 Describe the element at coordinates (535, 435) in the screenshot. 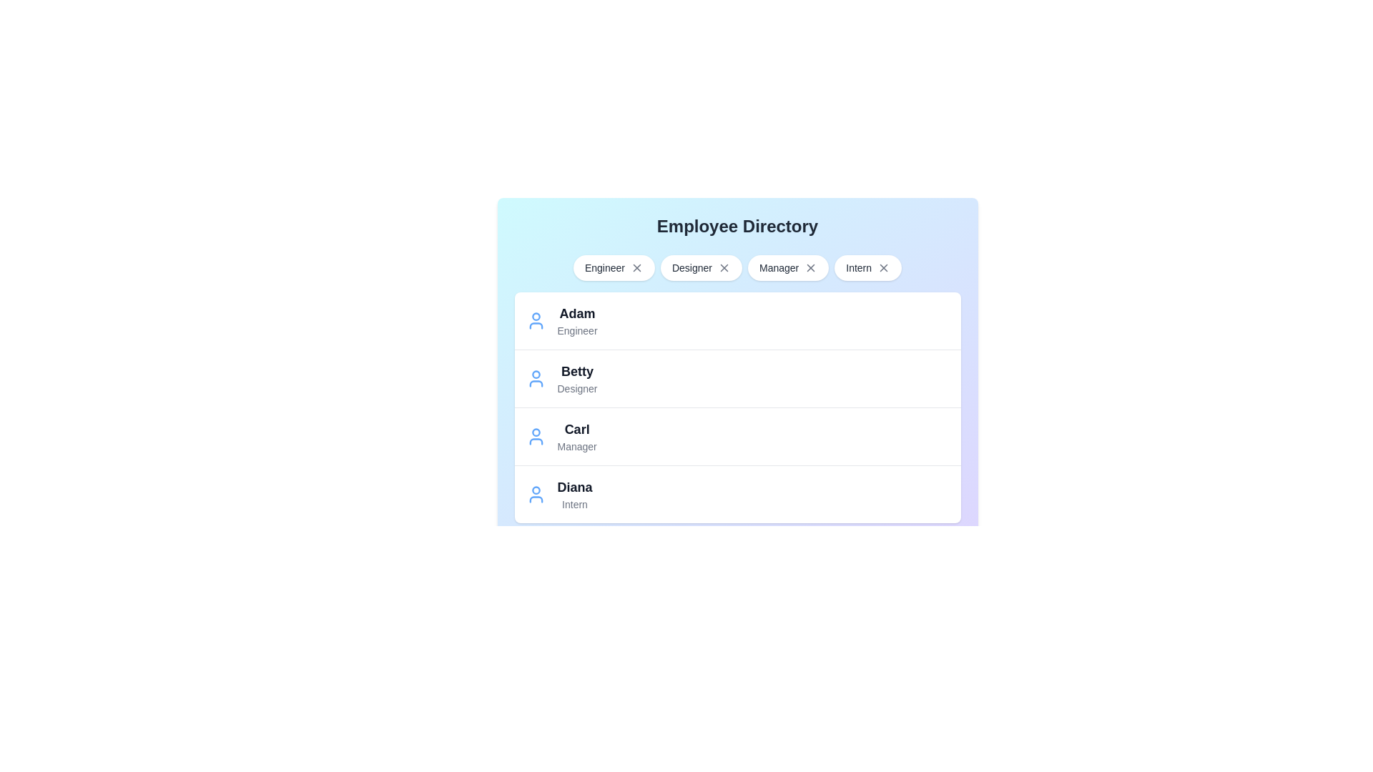

I see `the entry of the employee named Carl to view their details` at that location.